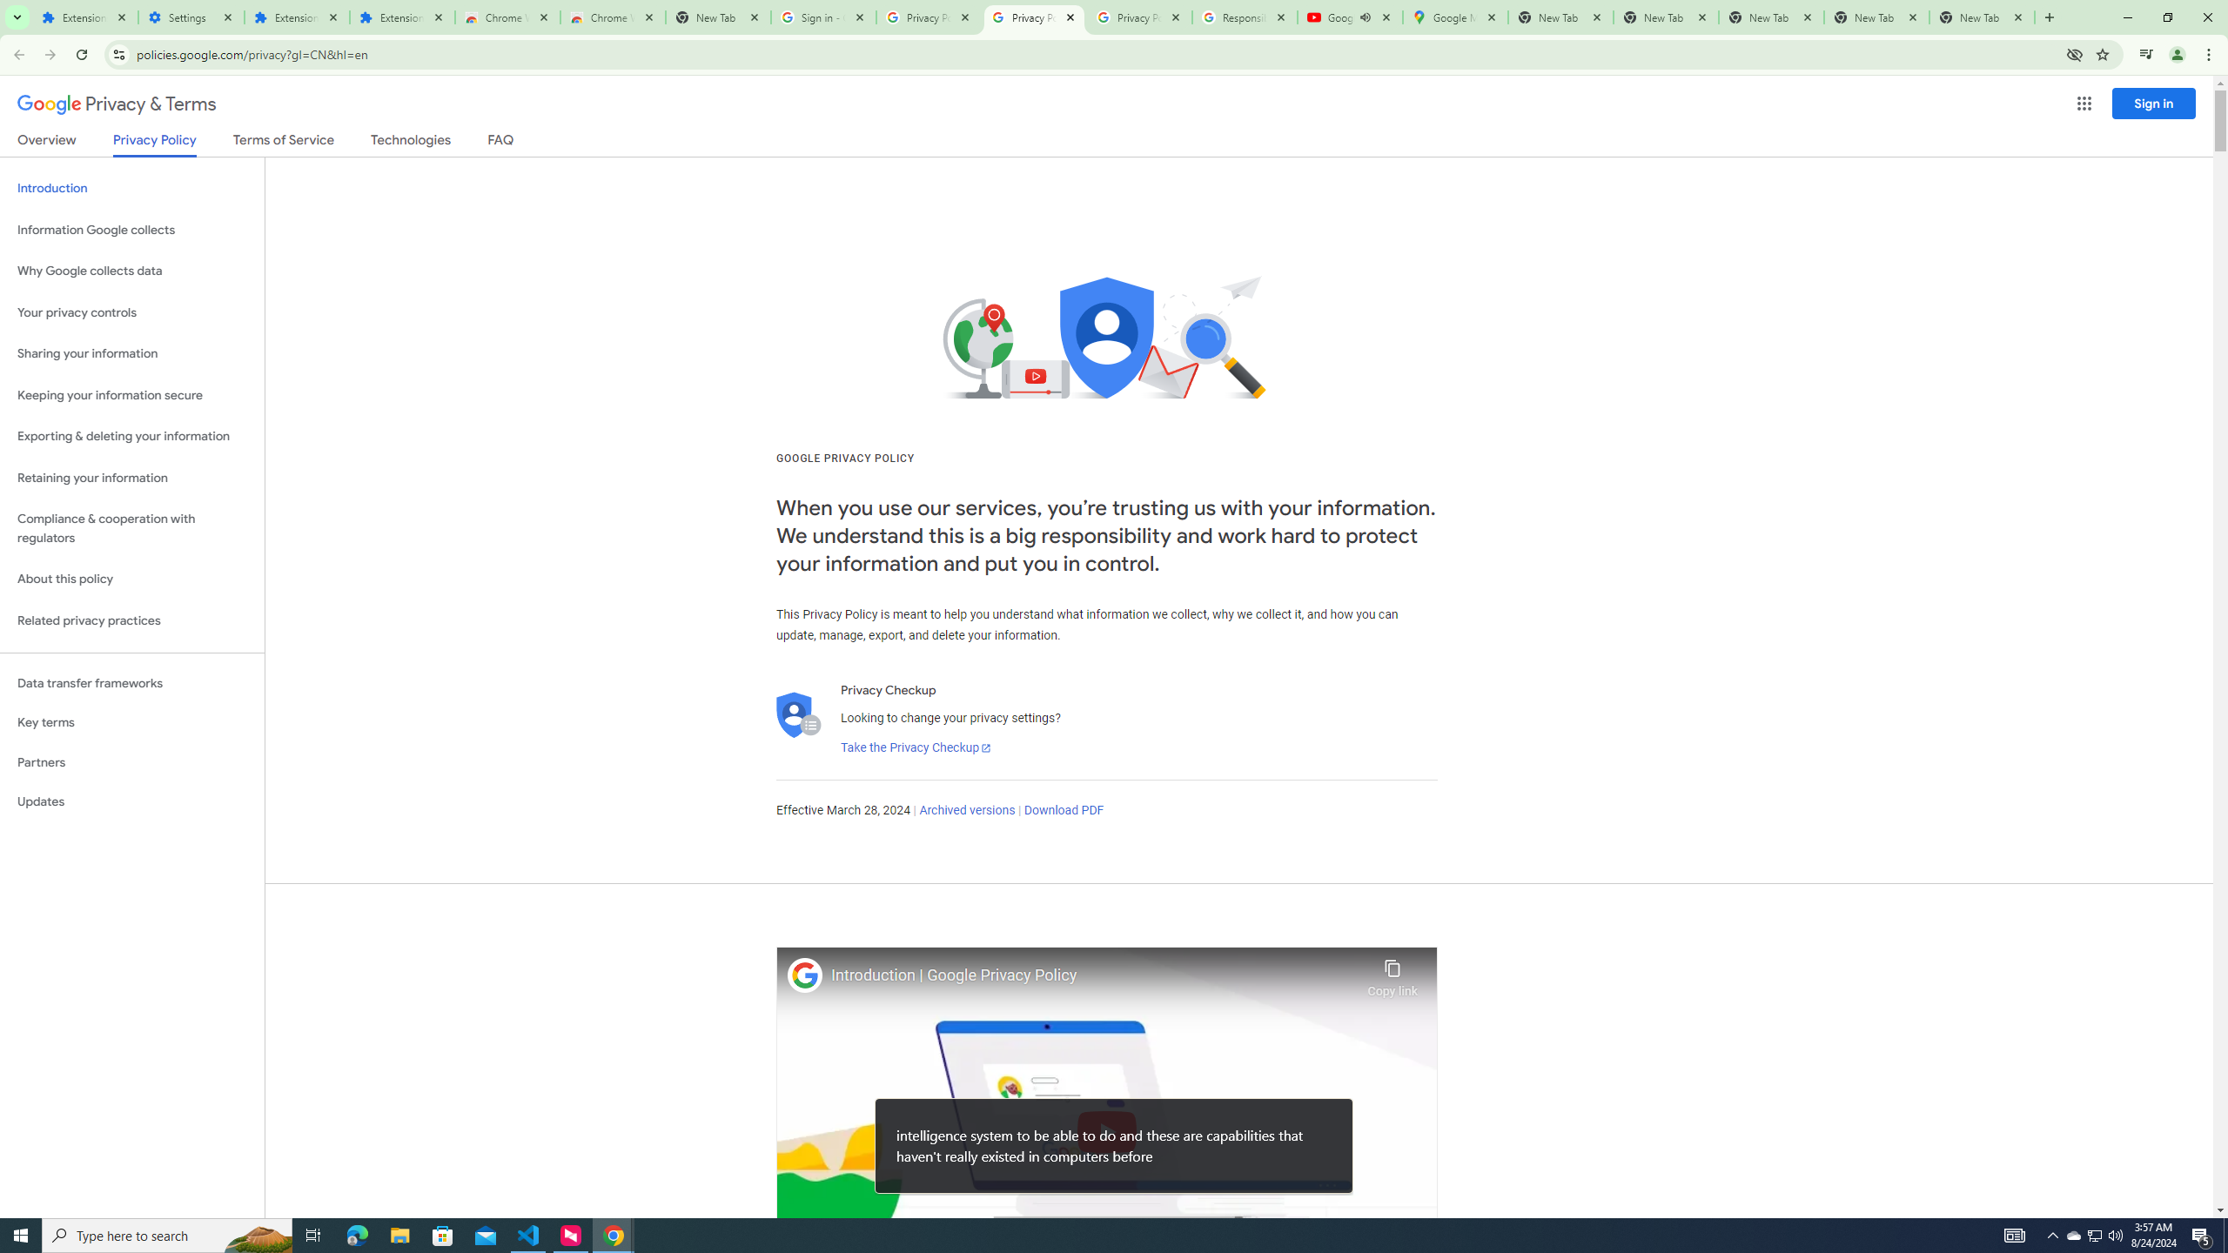  I want to click on 'Introduction | Google Privacy Policy', so click(1094, 975).